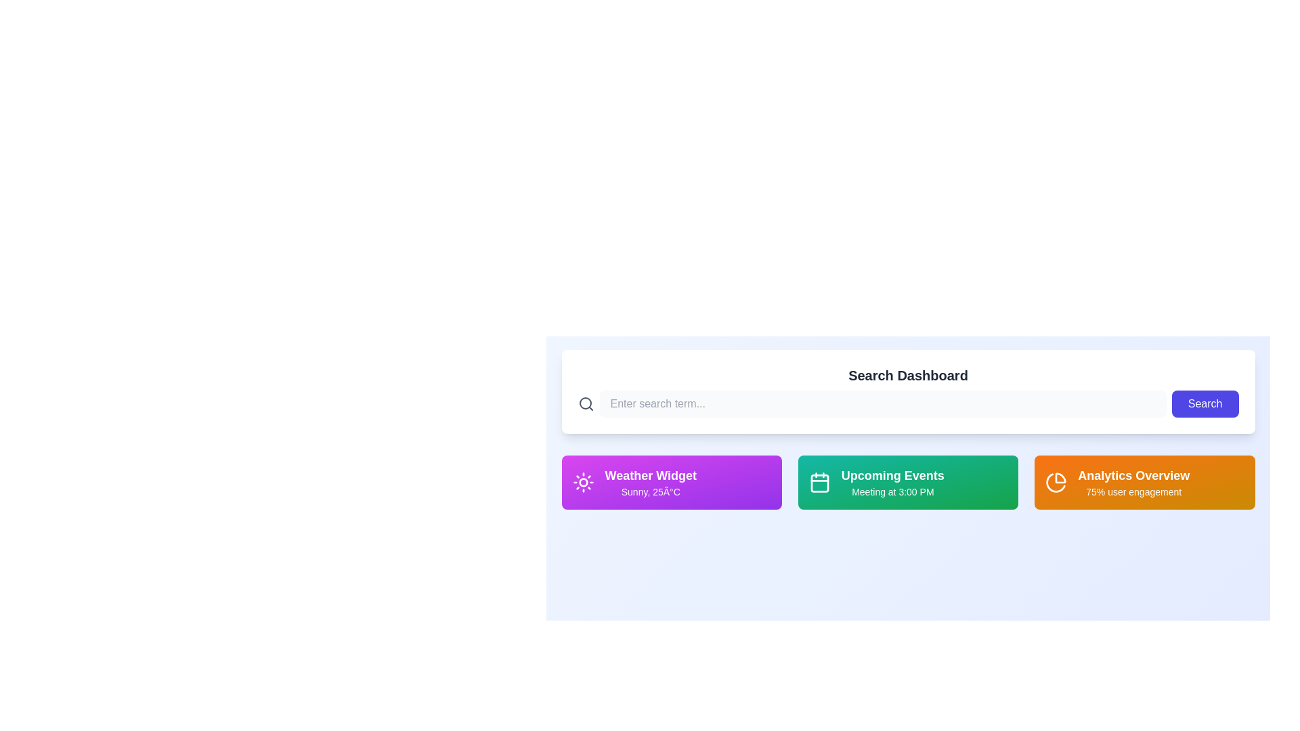 This screenshot has height=731, width=1300. Describe the element at coordinates (1133, 491) in the screenshot. I see `the text label displaying '75% user engagement' located below the bolded title 'Analytics Overview' within the orange card component` at that location.